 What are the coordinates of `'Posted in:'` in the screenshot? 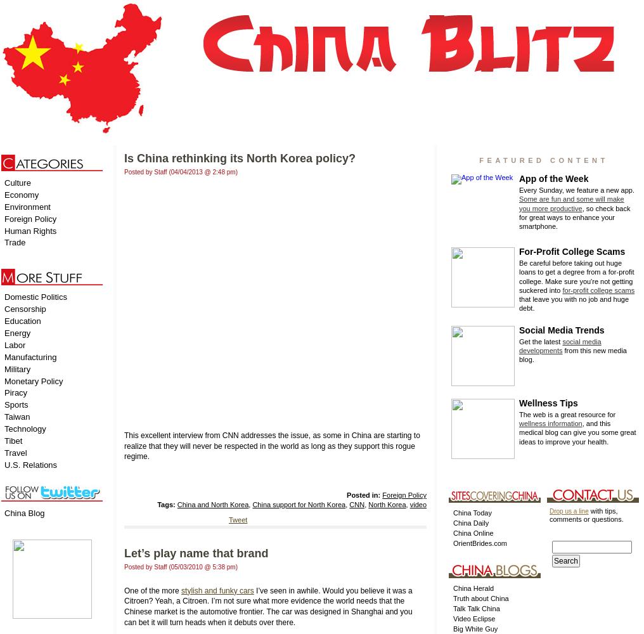 It's located at (363, 495).